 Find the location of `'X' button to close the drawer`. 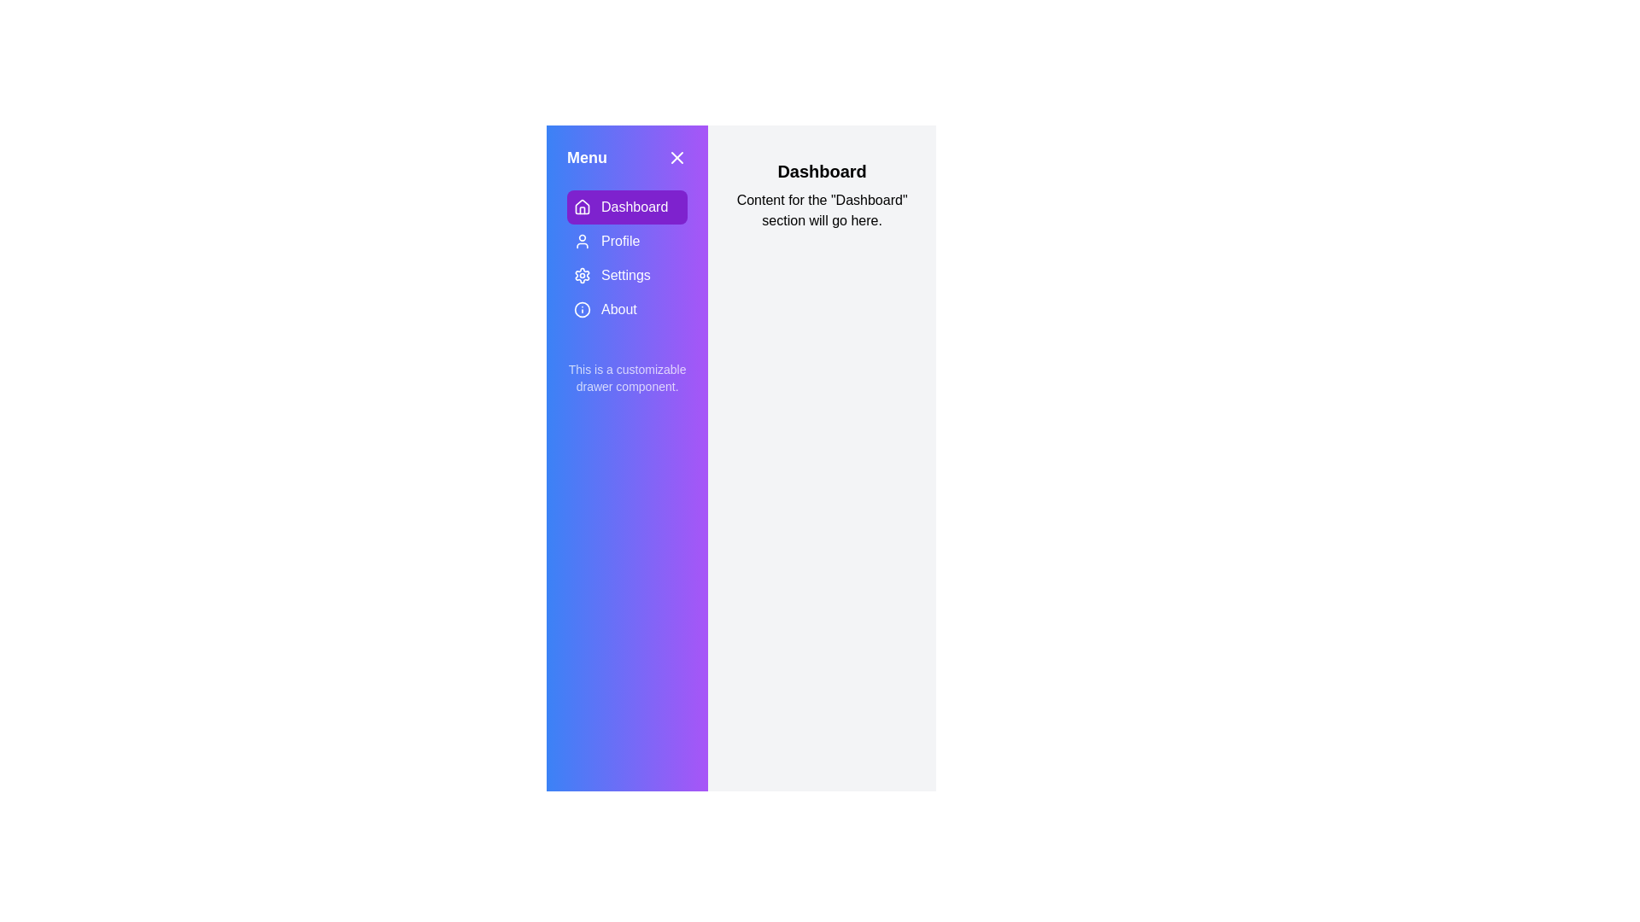

'X' button to close the drawer is located at coordinates (676, 158).